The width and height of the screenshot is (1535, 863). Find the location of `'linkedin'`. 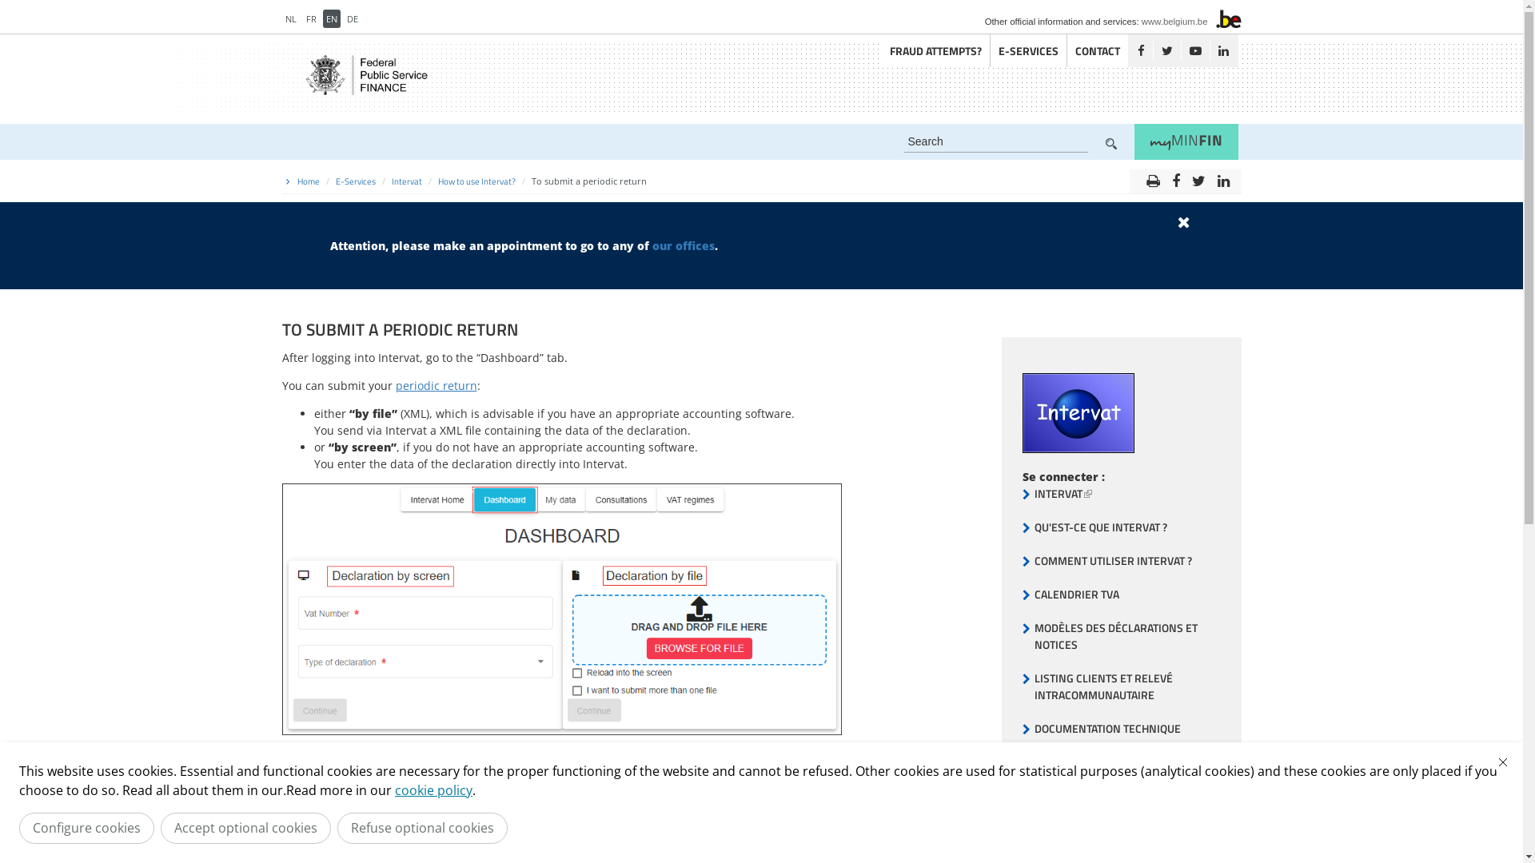

'linkedin' is located at coordinates (1222, 177).